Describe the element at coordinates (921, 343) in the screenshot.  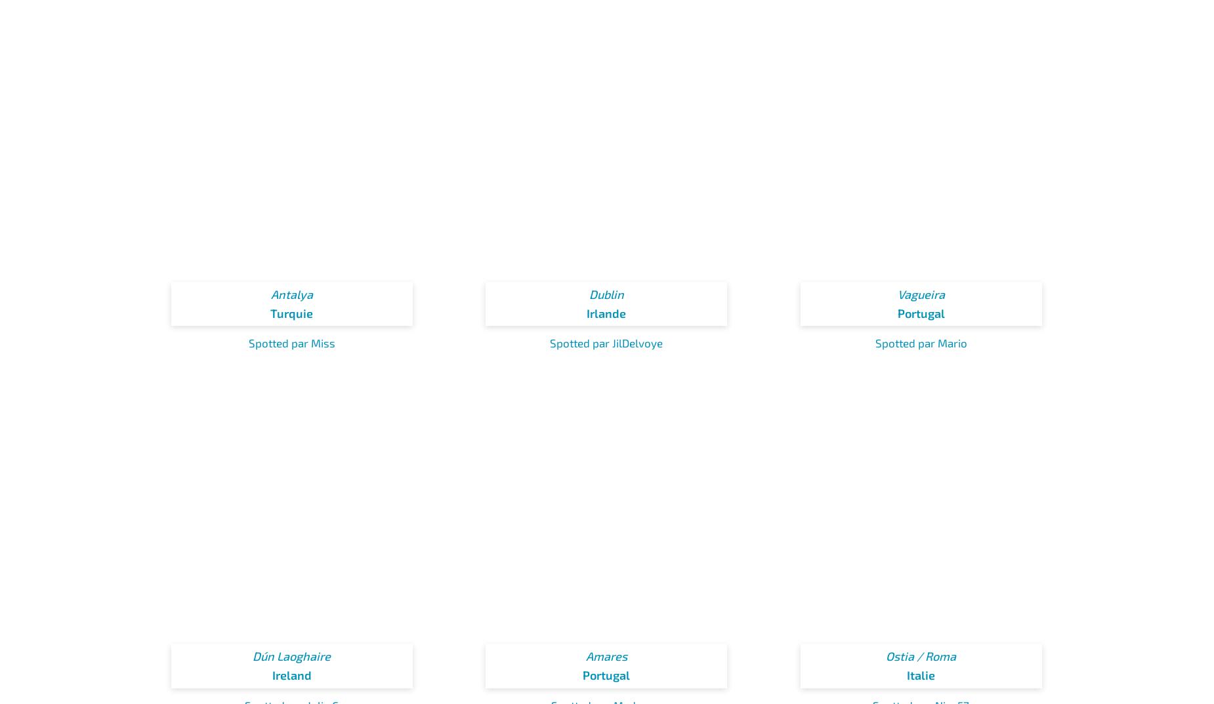
I see `'Spotted par Mario'` at that location.